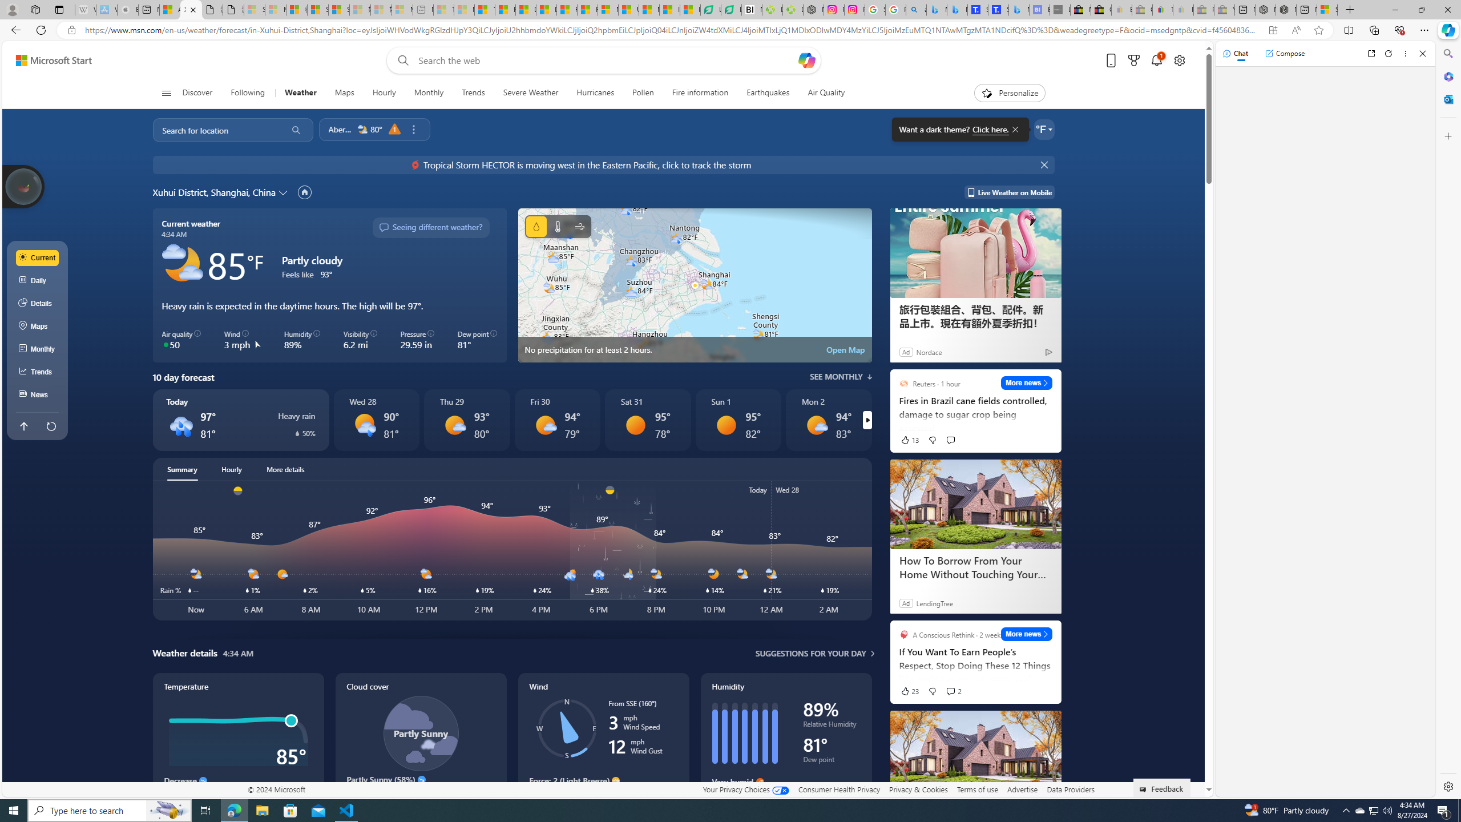 Image resolution: width=1461 pixels, height=822 pixels. What do you see at coordinates (202, 780) in the screenshot?
I see `'Decrease'` at bounding box center [202, 780].